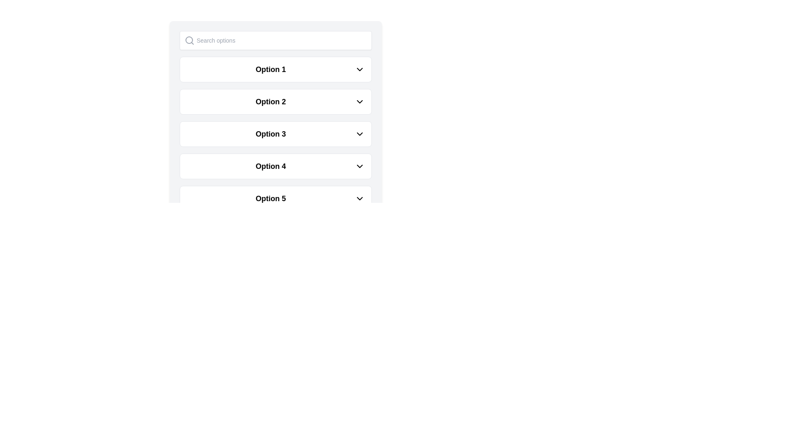 This screenshot has height=447, width=795. Describe the element at coordinates (270, 166) in the screenshot. I see `the selectable text element 'Option 4' within the interactive list item, which is the fourth item in a vertical list` at that location.